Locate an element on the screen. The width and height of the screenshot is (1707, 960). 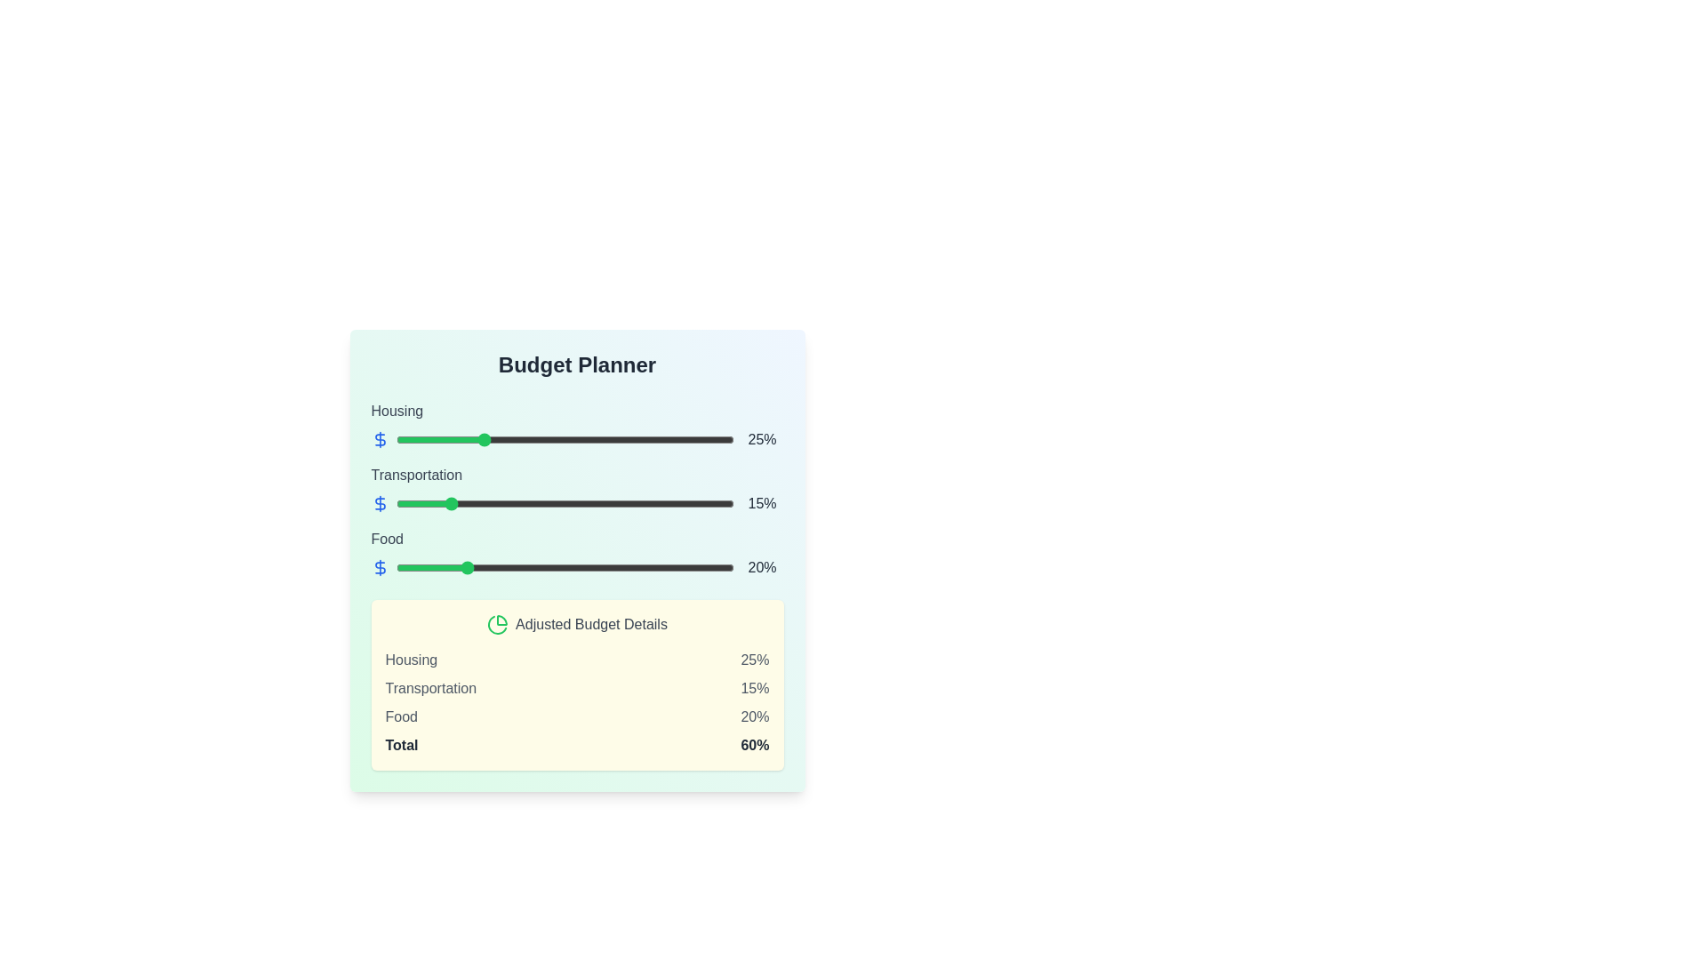
the food budget slider is located at coordinates (608, 568).